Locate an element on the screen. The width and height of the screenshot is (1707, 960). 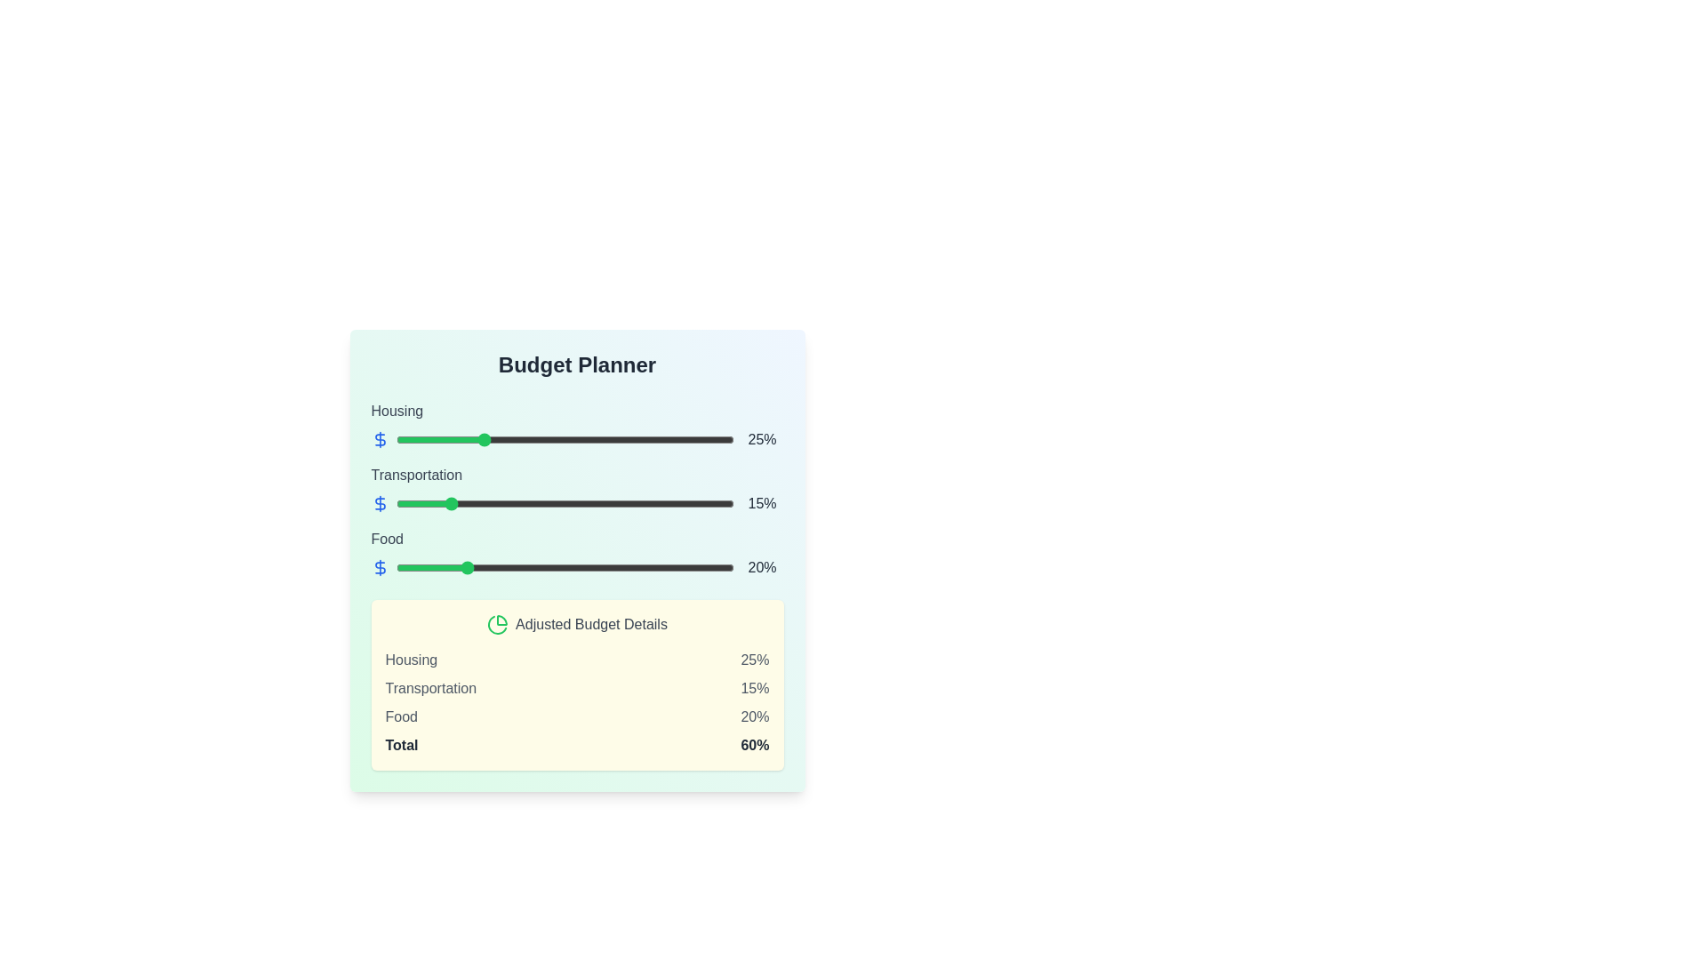
the food budget slider is located at coordinates (608, 568).